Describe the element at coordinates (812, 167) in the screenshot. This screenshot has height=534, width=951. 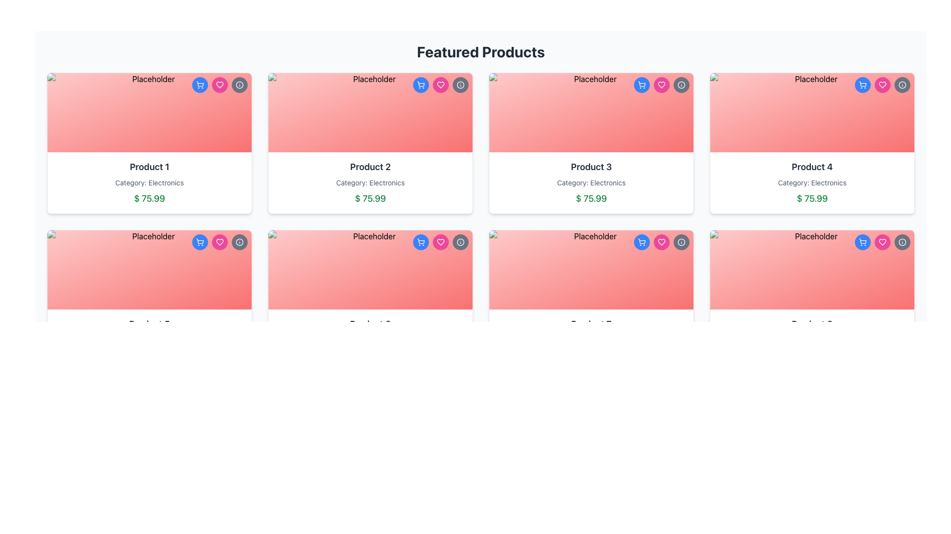
I see `the text label displaying 'Product 4' in bold, large font, located in the fourth column of the first row, above 'Category: Electronics' and '$ 75.99'` at that location.